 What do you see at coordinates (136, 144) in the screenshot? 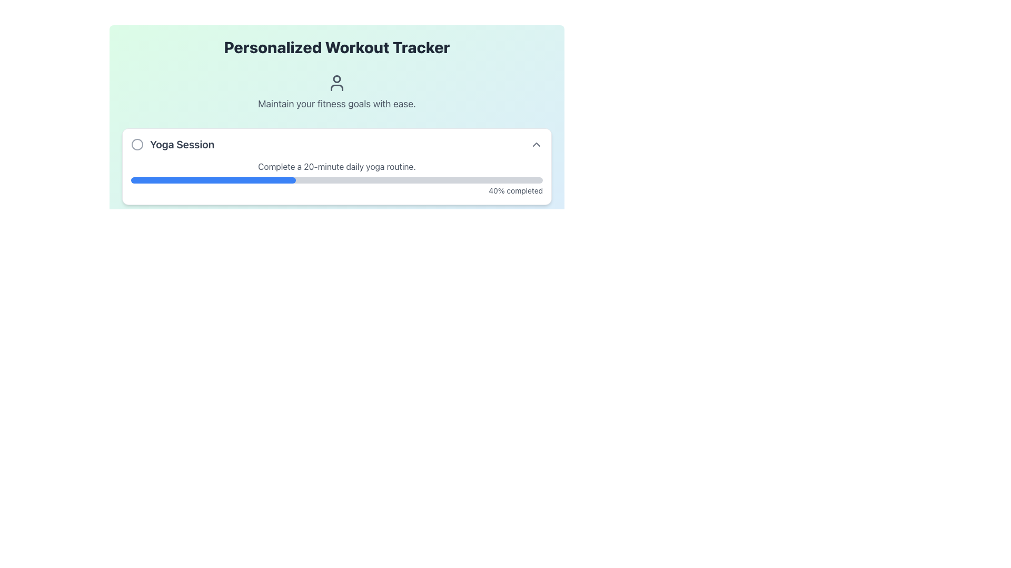
I see `the circular icon with a gray outline located to the left of the text label 'Yoga Session'` at bounding box center [136, 144].